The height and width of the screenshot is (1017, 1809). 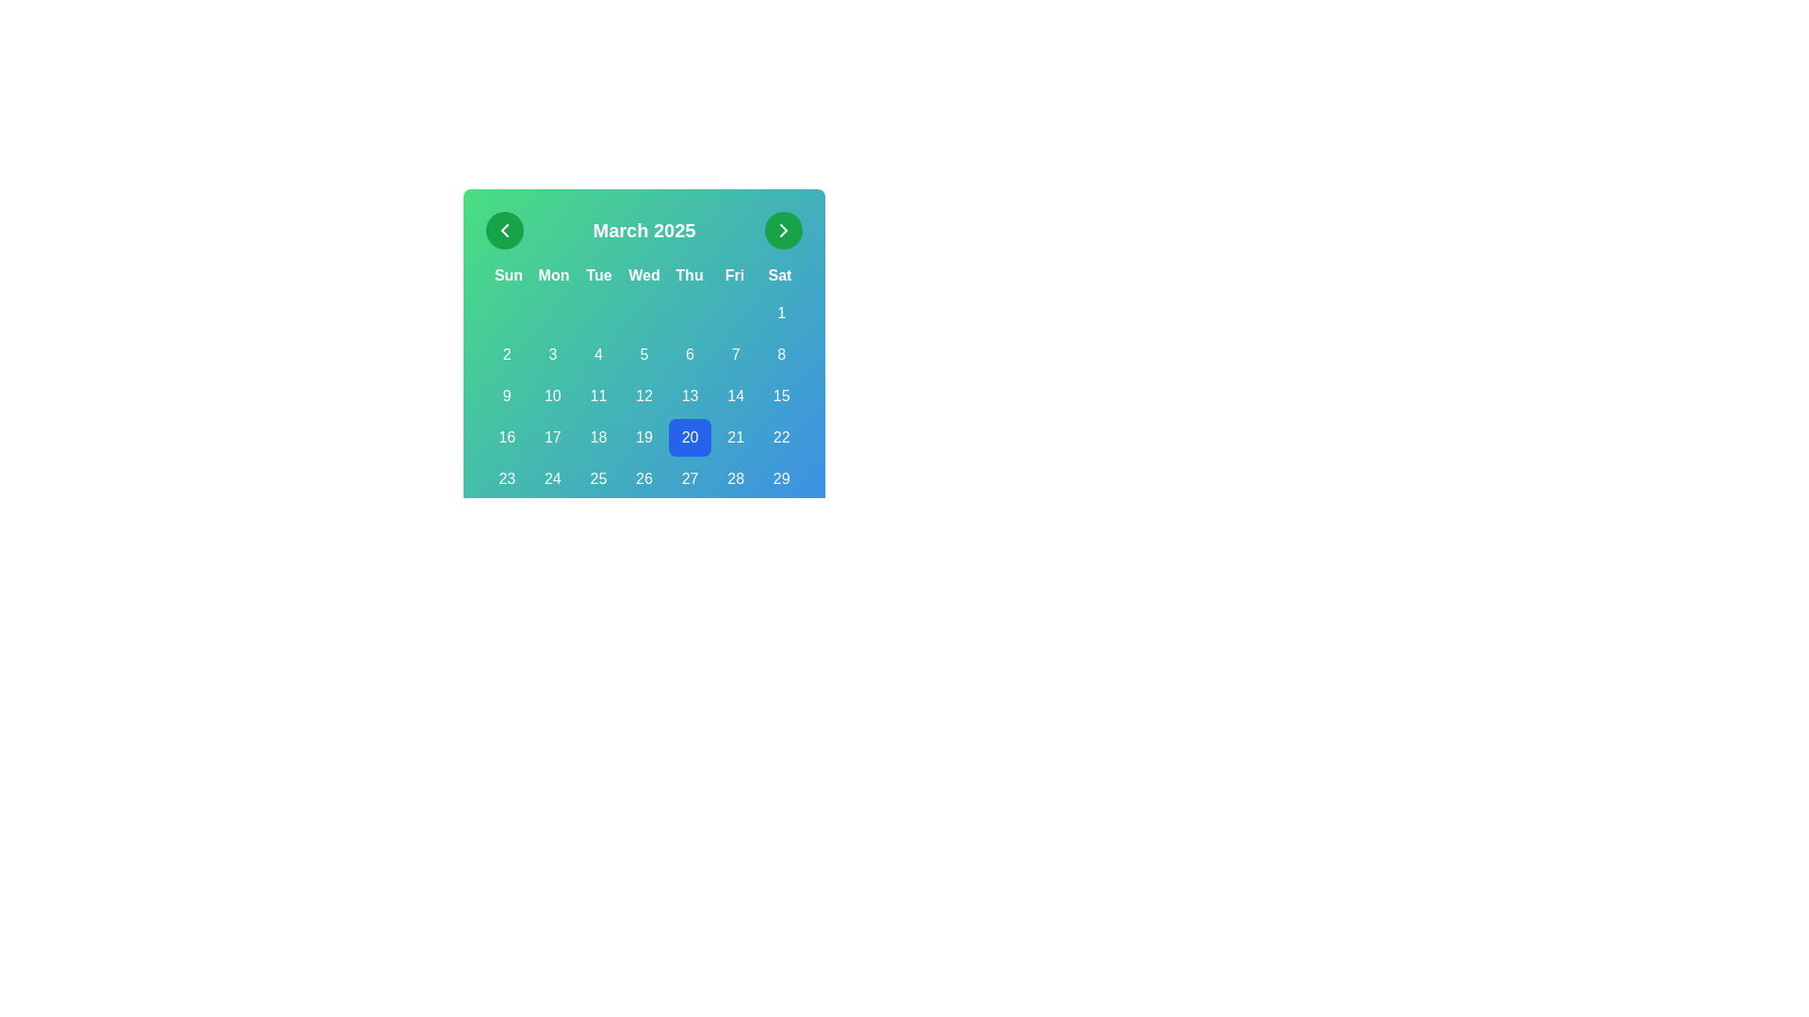 What do you see at coordinates (644, 312) in the screenshot?
I see `the small dot indicator in the fourth cell of the topmost row of the calendar grid, which is visually centered and part of a gradient background ranging from green to blue` at bounding box center [644, 312].